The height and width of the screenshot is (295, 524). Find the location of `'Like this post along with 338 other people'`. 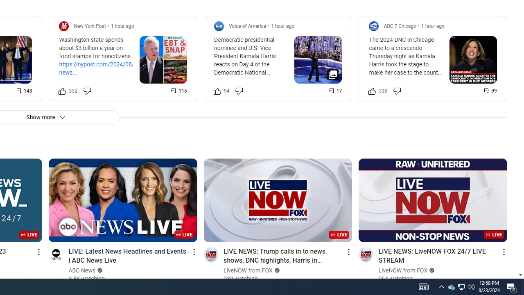

'Like this post along with 338 other people' is located at coordinates (372, 91).